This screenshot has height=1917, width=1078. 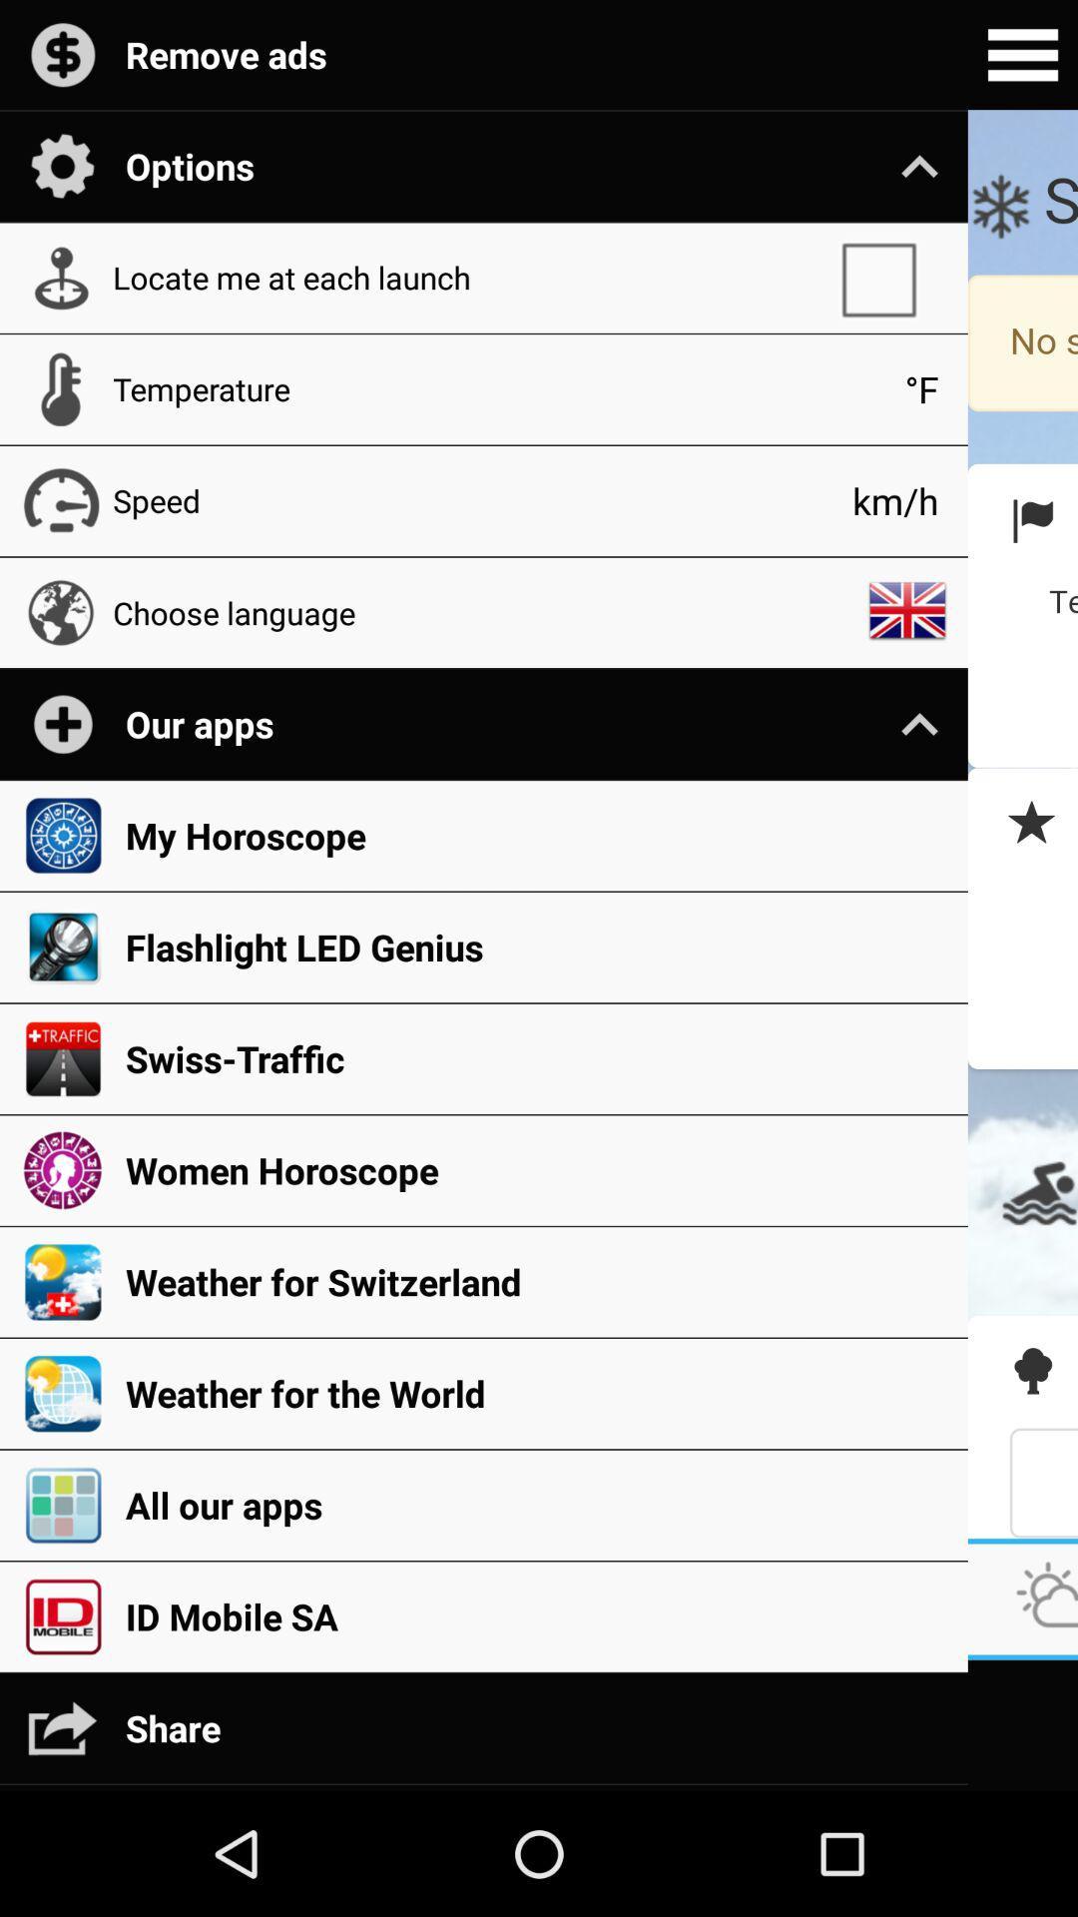 I want to click on icon above the swiss-traffic app, so click(x=535, y=946).